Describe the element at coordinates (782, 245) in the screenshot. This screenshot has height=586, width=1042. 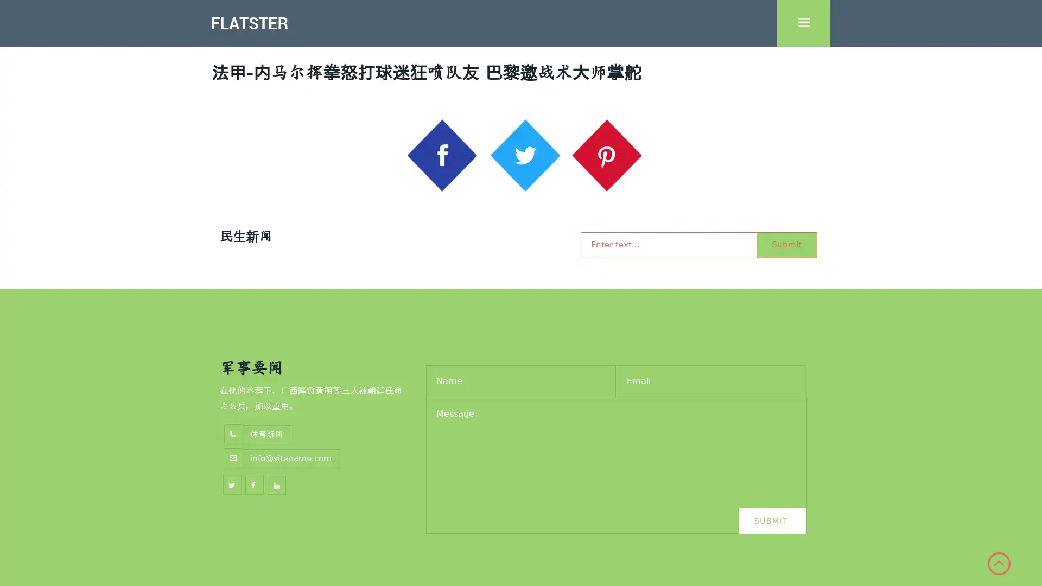
I see `Submit` at that location.